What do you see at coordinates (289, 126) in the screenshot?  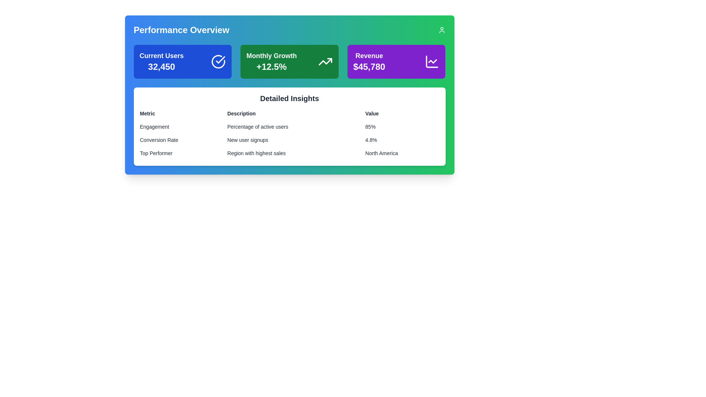 I see `the first row labeled 'Engagement' in the detailed insights table` at bounding box center [289, 126].